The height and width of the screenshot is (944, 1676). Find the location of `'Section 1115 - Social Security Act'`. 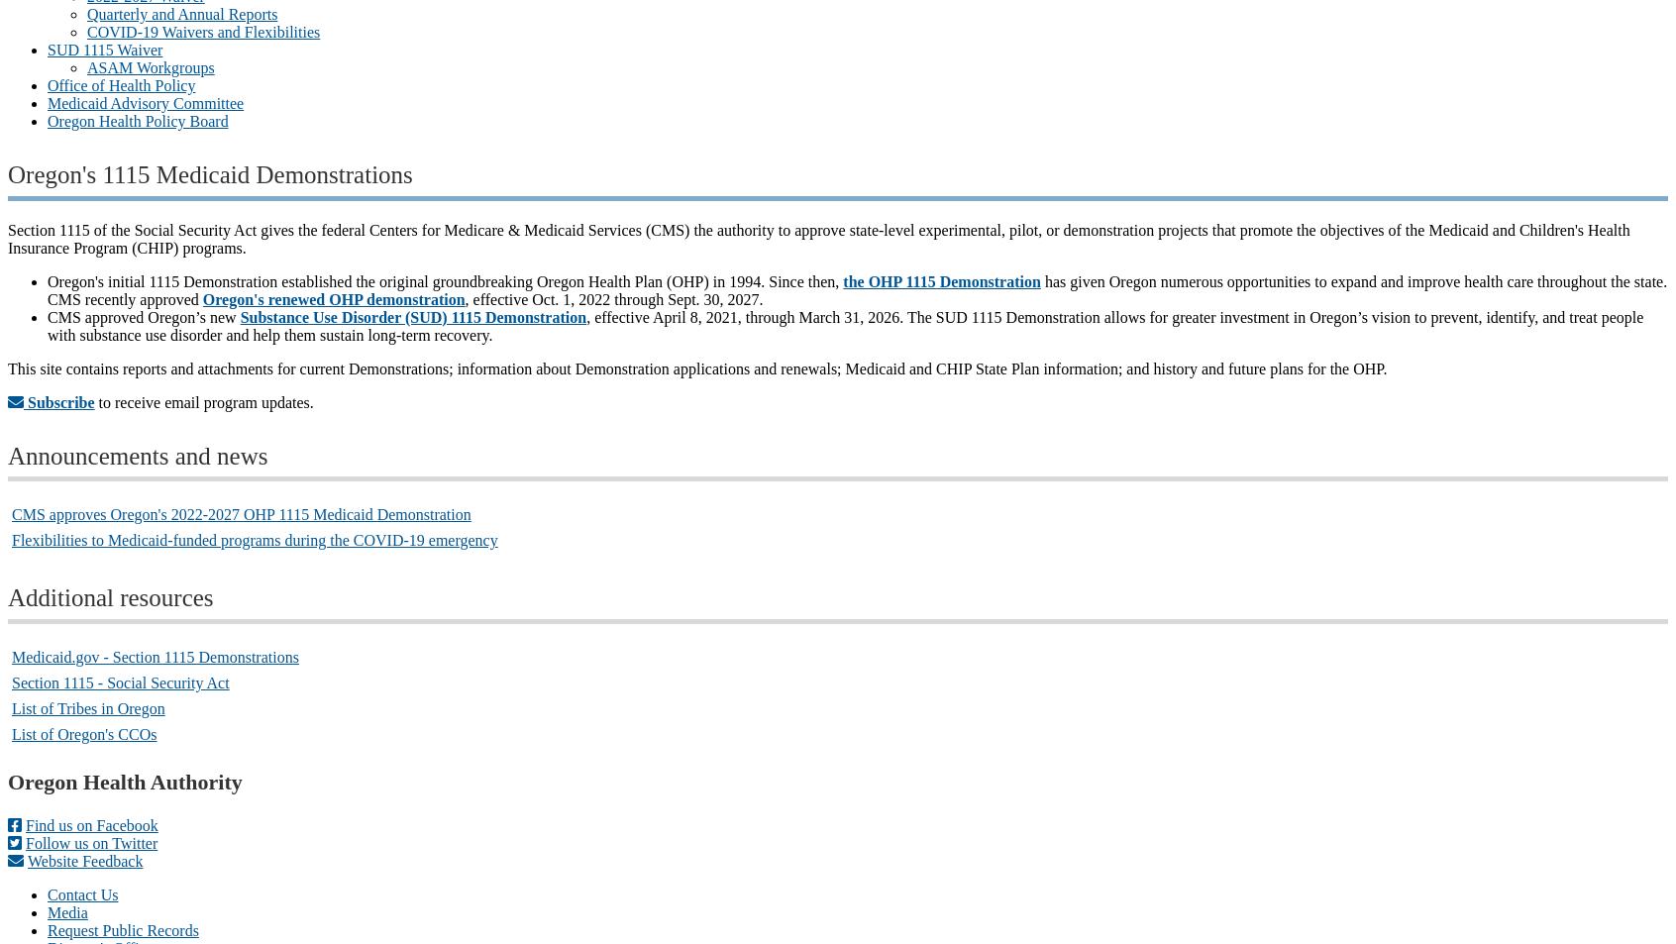

'Section 1115 - Social Security Act' is located at coordinates (120, 682).